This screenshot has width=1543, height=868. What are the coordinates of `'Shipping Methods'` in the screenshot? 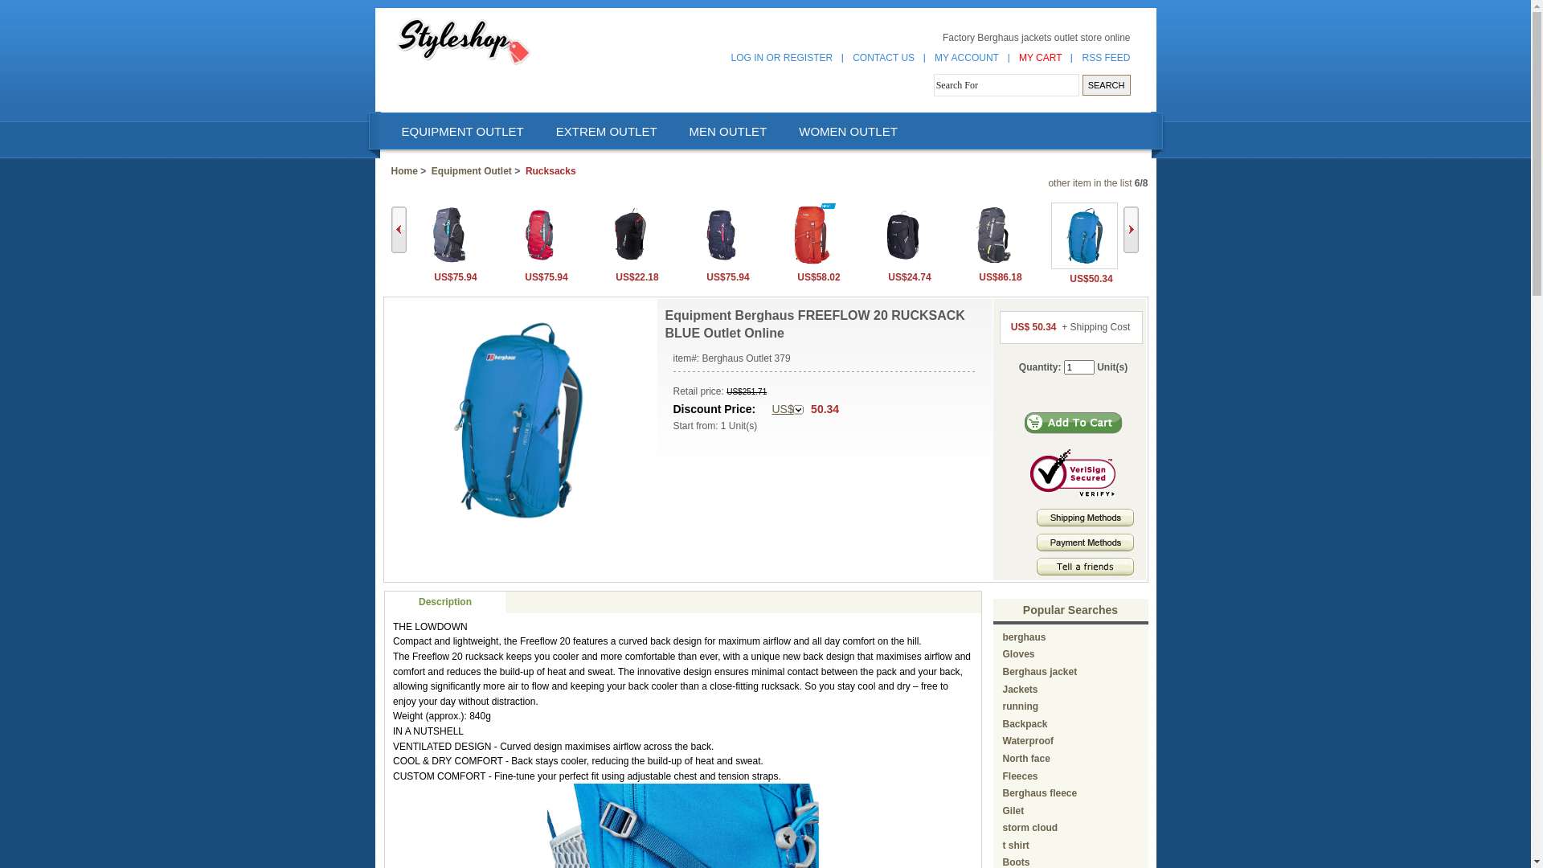 It's located at (1085, 523).